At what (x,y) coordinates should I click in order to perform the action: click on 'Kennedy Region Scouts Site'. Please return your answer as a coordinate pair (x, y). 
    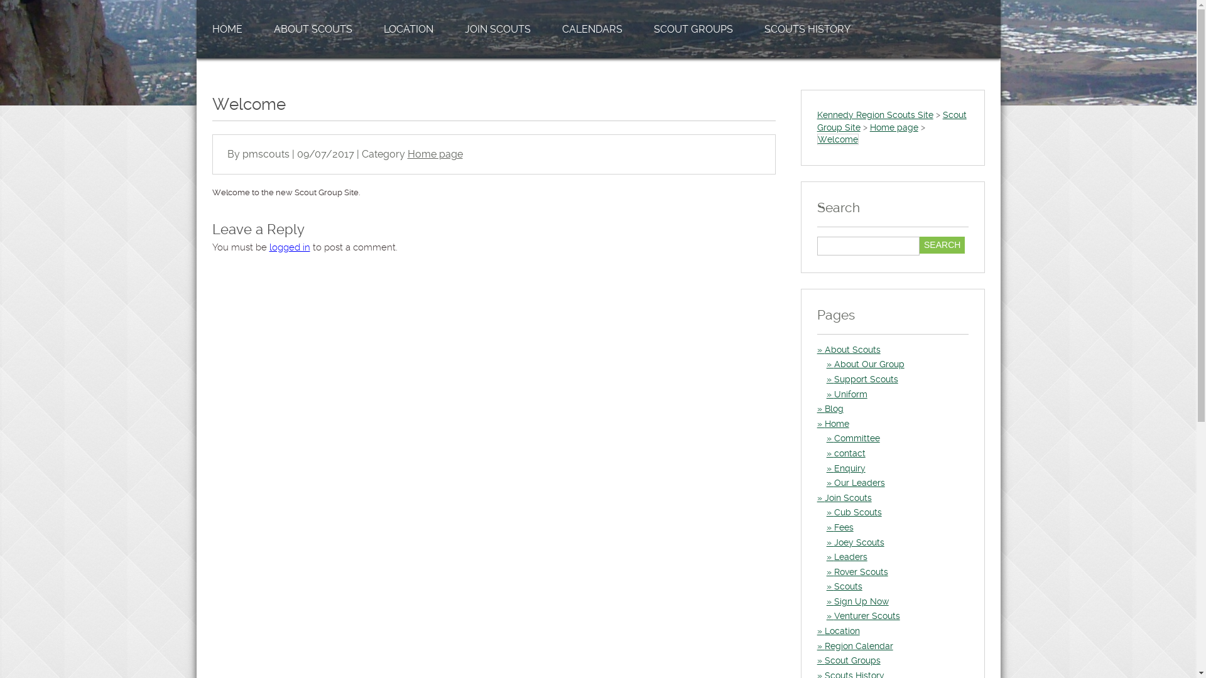
    Looking at the image, I should click on (874, 114).